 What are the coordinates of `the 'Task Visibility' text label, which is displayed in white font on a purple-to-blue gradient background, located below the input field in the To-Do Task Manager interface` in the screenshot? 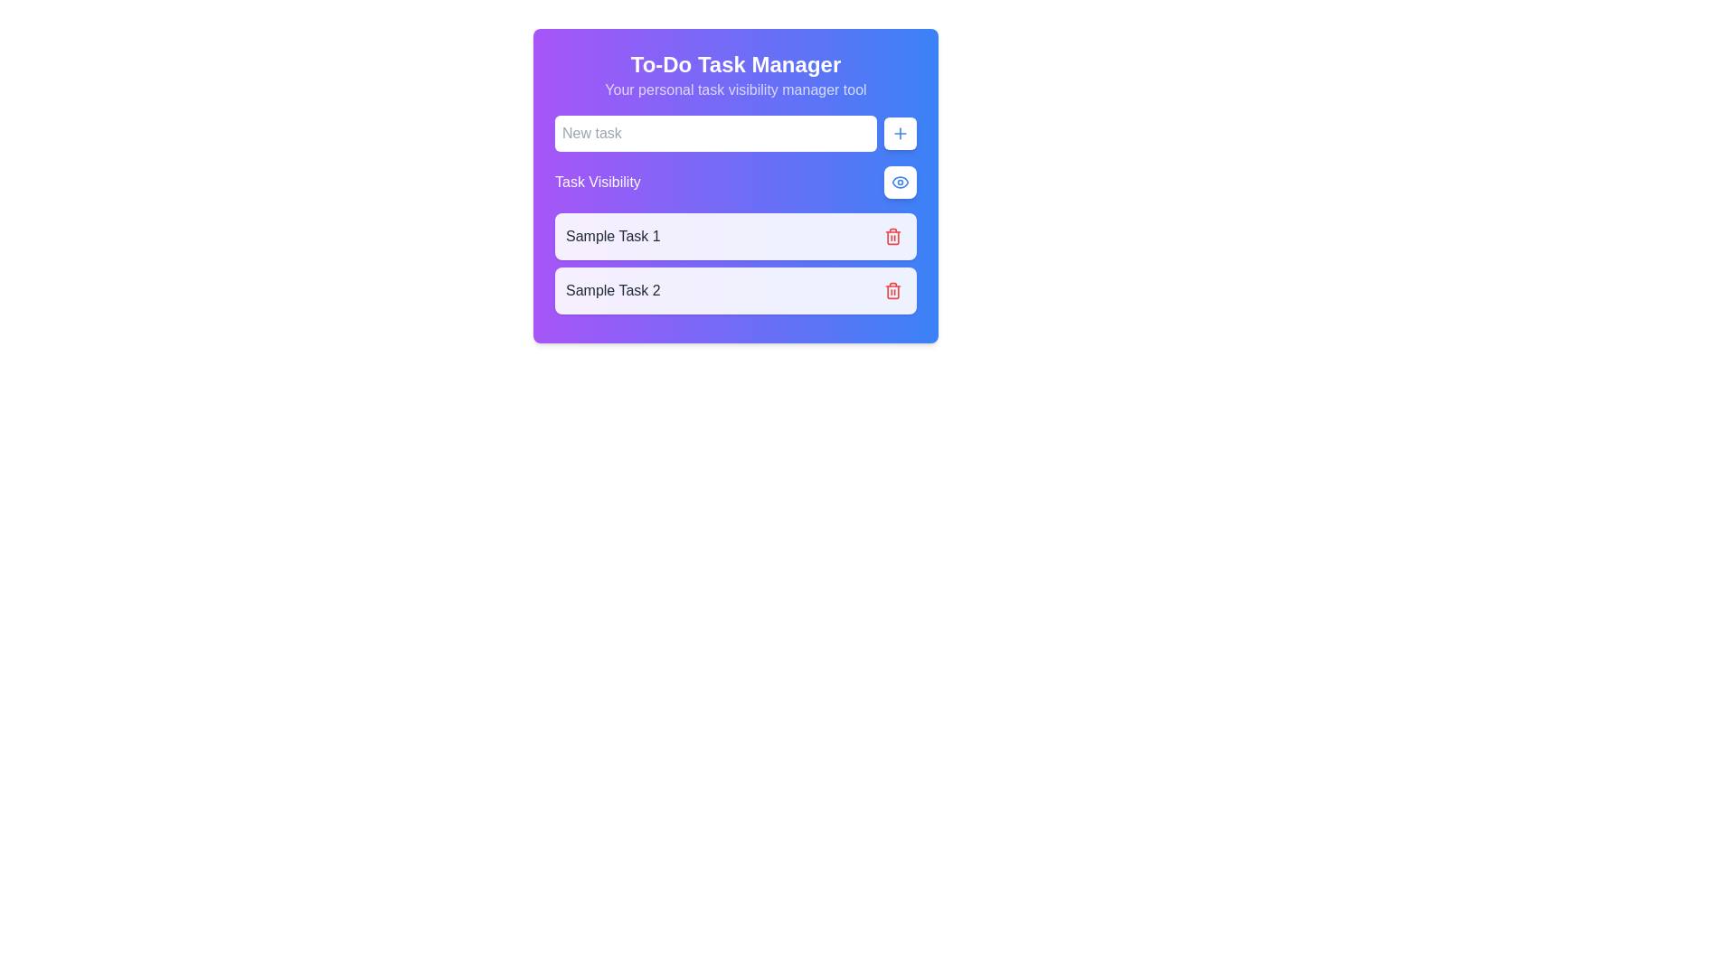 It's located at (598, 182).